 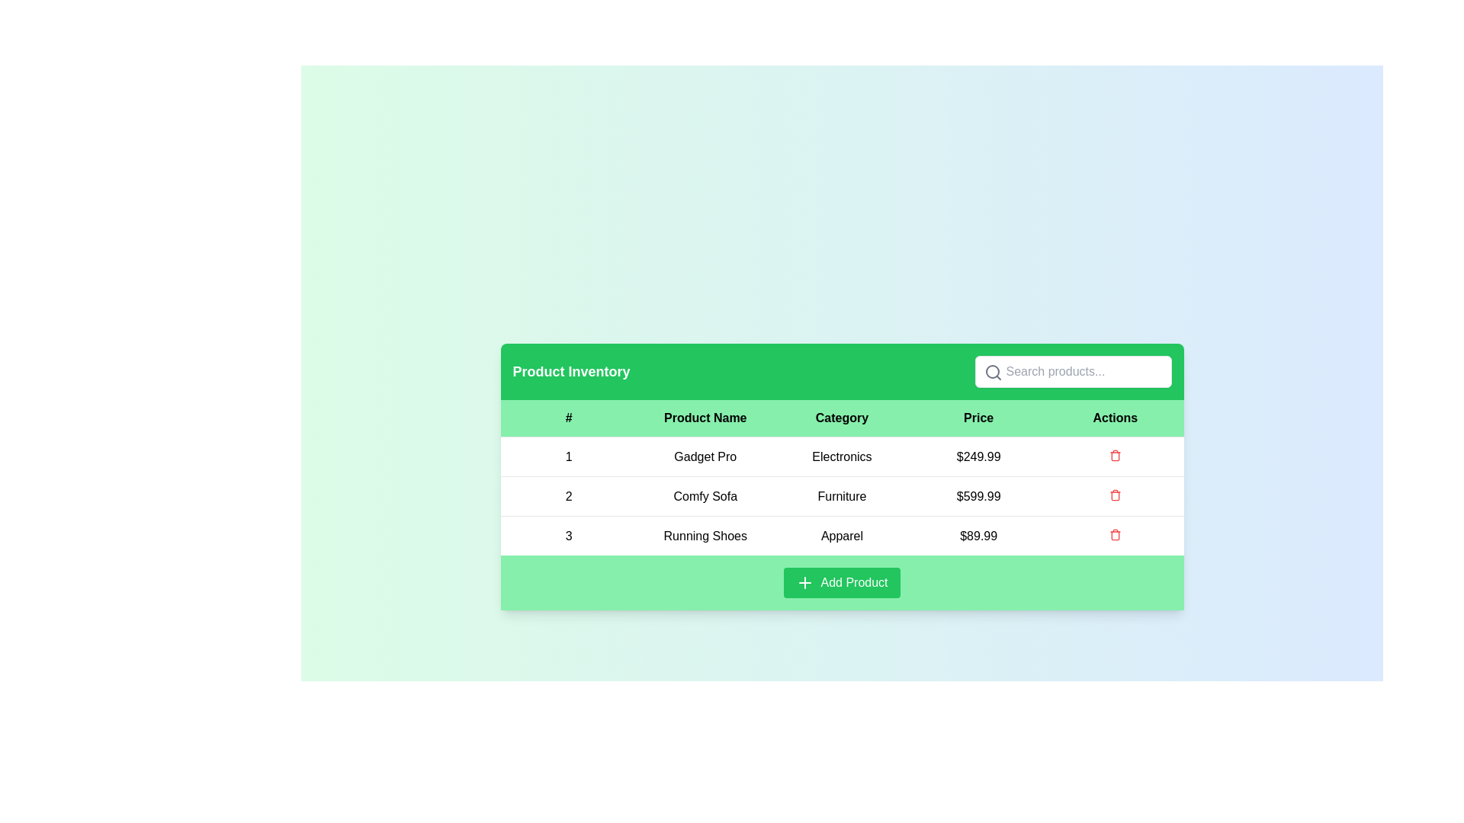 I want to click on the trash bin icon in the 'Actions' column of the first row of the 'Product Inventory' table, so click(x=1115, y=454).